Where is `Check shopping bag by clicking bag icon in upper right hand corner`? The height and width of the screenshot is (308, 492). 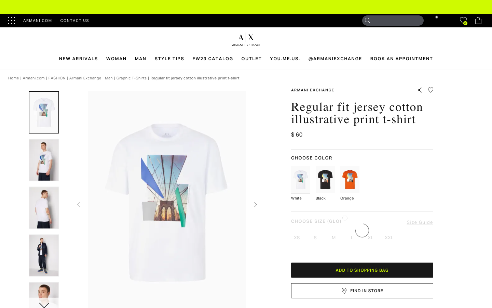
Check shopping bag by clicking bag icon in upper right hand corner is located at coordinates (478, 20).